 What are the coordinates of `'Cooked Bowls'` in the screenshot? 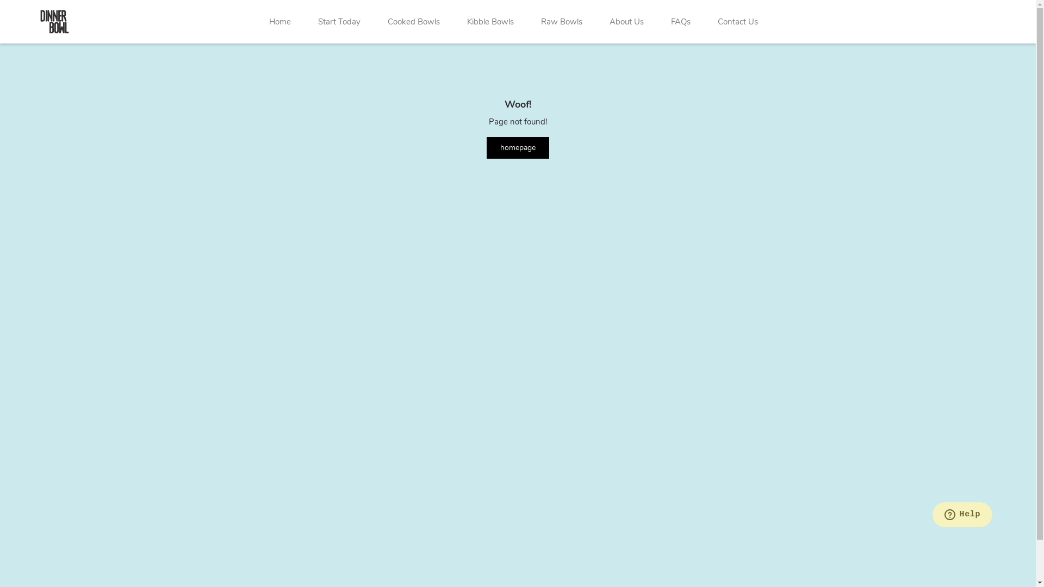 It's located at (388, 21).